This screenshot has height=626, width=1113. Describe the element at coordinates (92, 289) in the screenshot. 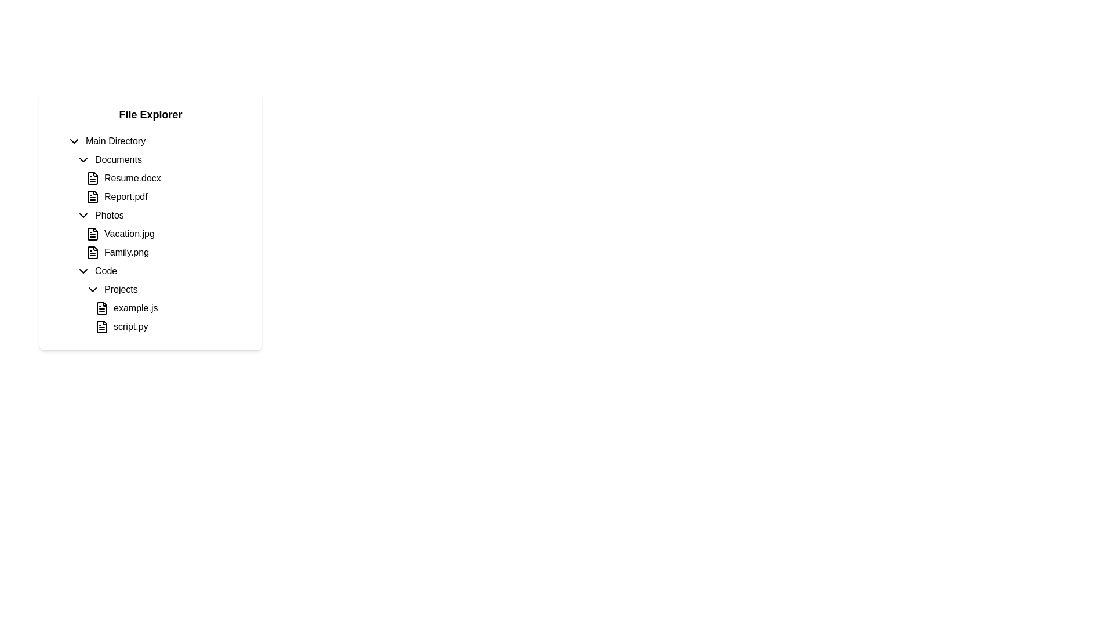

I see `the chevron-down icon` at that location.